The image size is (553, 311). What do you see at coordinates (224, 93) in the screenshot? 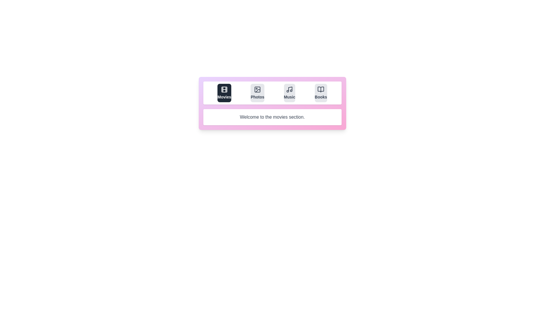
I see `the tab labeled Movies` at bounding box center [224, 93].